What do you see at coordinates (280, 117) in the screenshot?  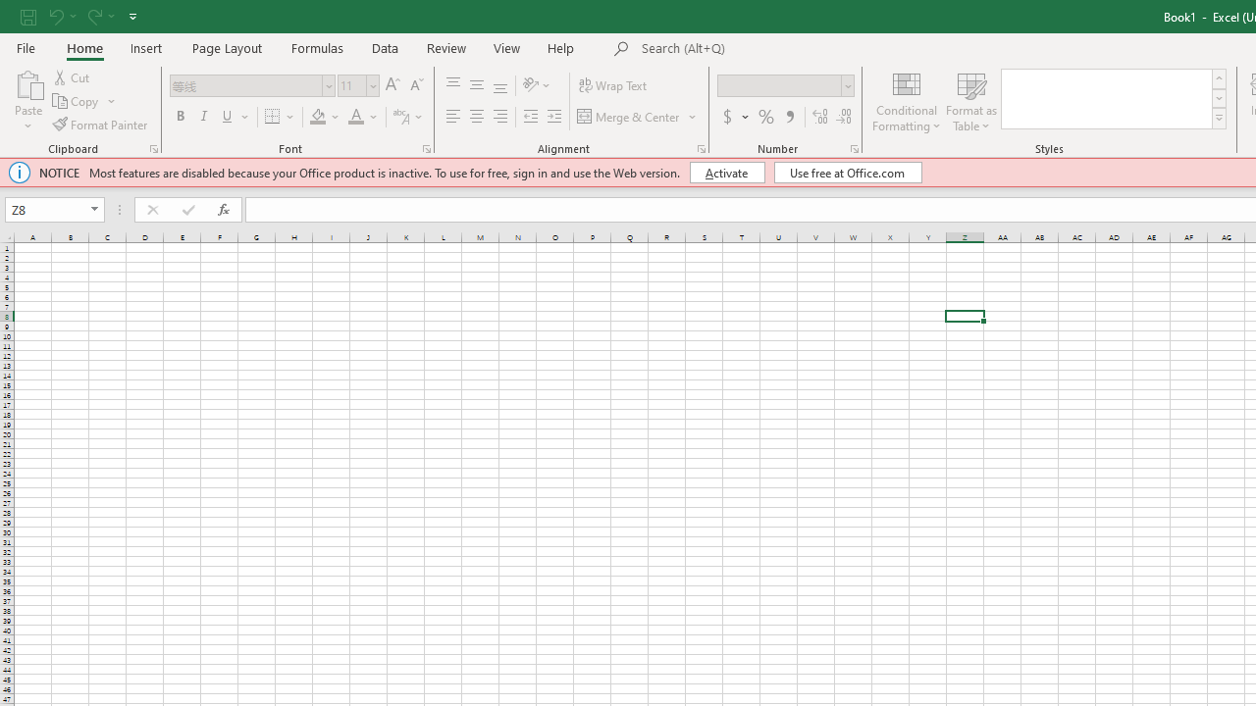 I see `'Borders'` at bounding box center [280, 117].